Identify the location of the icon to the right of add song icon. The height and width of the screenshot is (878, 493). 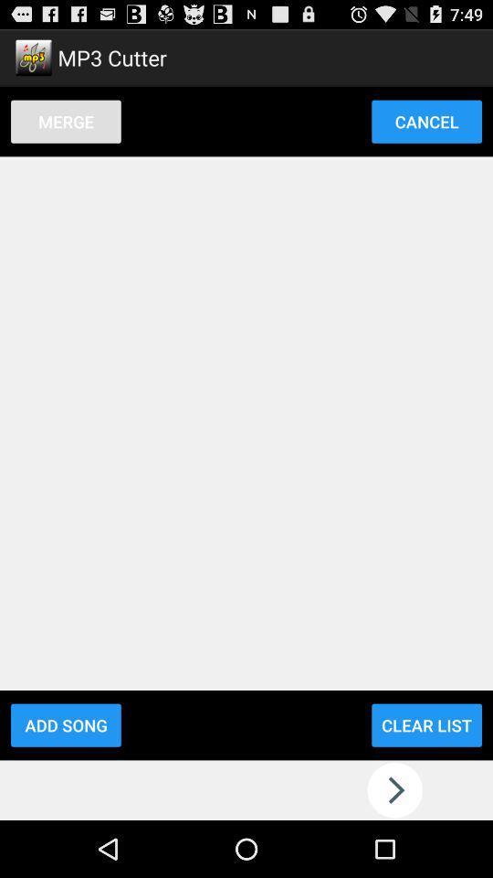
(426, 725).